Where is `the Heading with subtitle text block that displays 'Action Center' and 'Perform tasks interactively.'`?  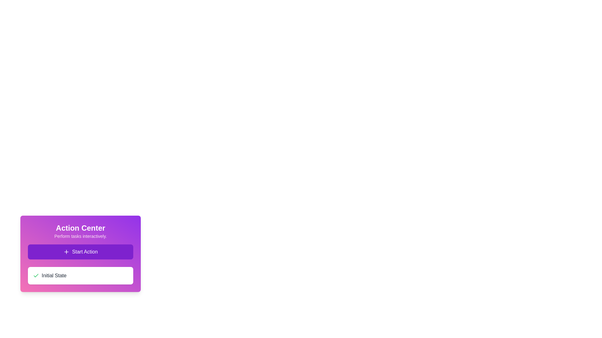
the Heading with subtitle text block that displays 'Action Center' and 'Perform tasks interactively.' is located at coordinates (80, 231).